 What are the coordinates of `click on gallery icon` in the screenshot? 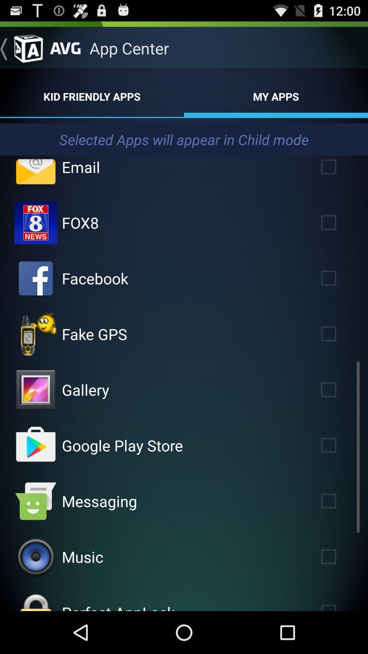 It's located at (35, 390).